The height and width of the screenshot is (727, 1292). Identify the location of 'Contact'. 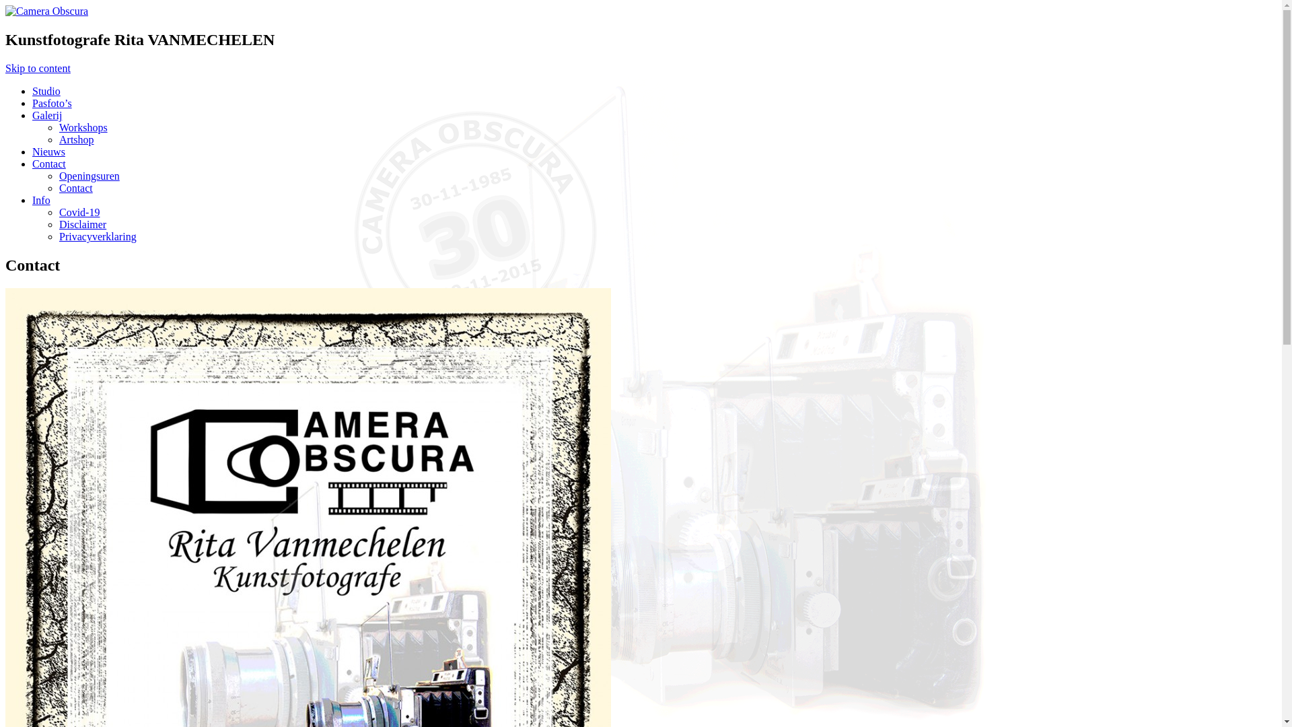
(75, 188).